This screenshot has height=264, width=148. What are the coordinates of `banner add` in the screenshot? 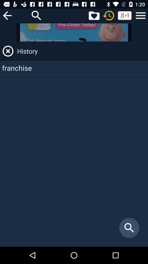 It's located at (74, 32).